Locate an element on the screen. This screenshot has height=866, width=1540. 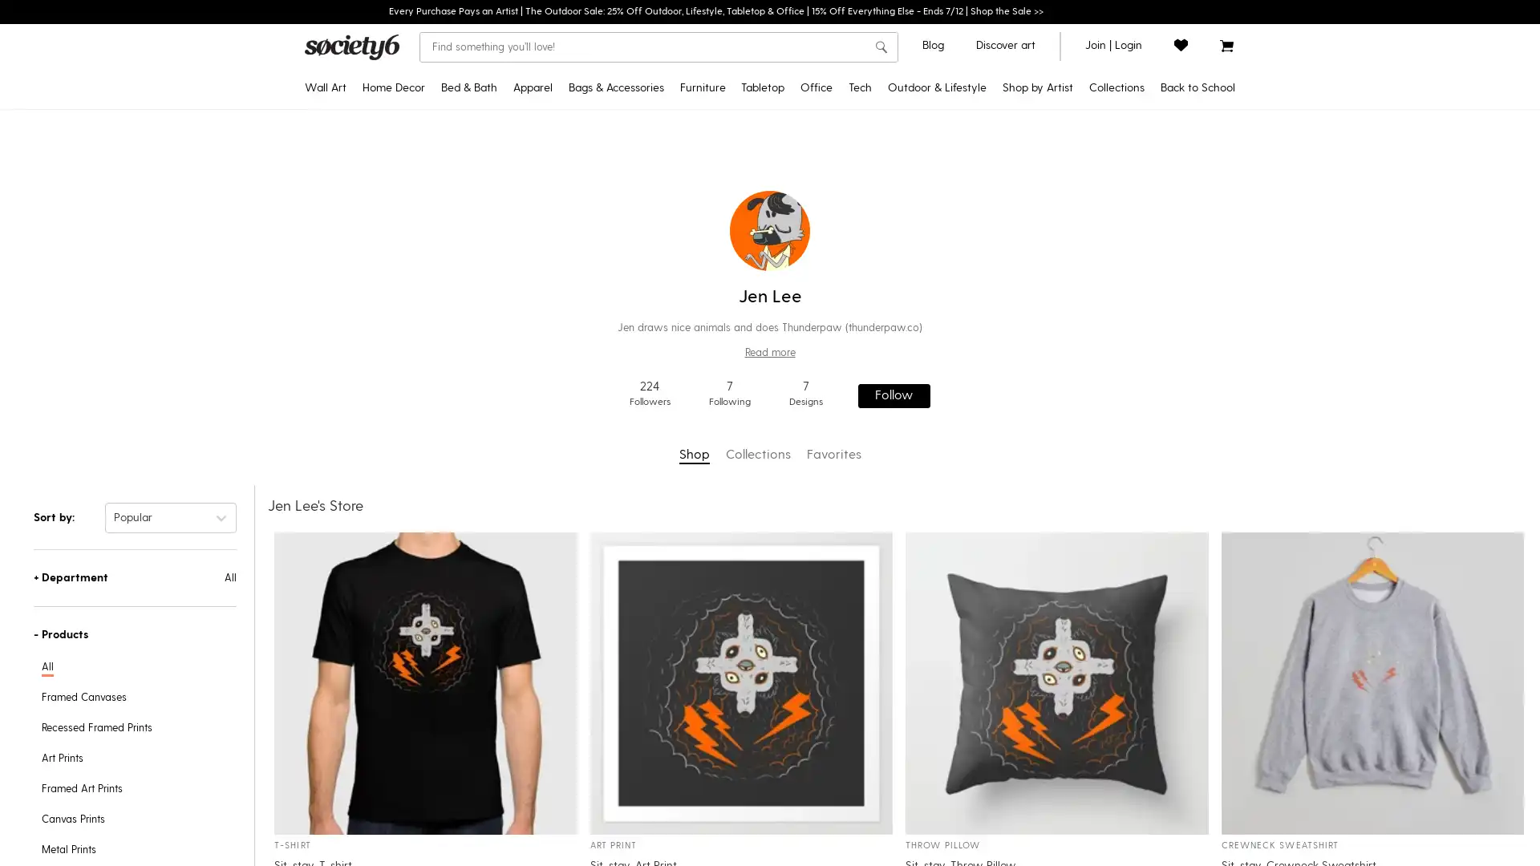
Rectangular Pillows is located at coordinates (423, 180).